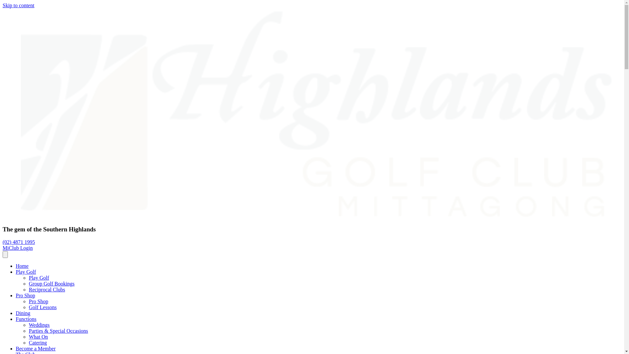 This screenshot has height=354, width=629. Describe the element at coordinates (51, 283) in the screenshot. I see `'Group Golf Bookings'` at that location.